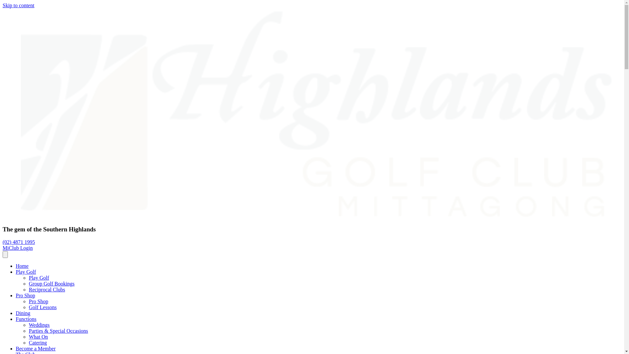 This screenshot has height=354, width=629. Describe the element at coordinates (51, 283) in the screenshot. I see `'Group Golf Bookings'` at that location.